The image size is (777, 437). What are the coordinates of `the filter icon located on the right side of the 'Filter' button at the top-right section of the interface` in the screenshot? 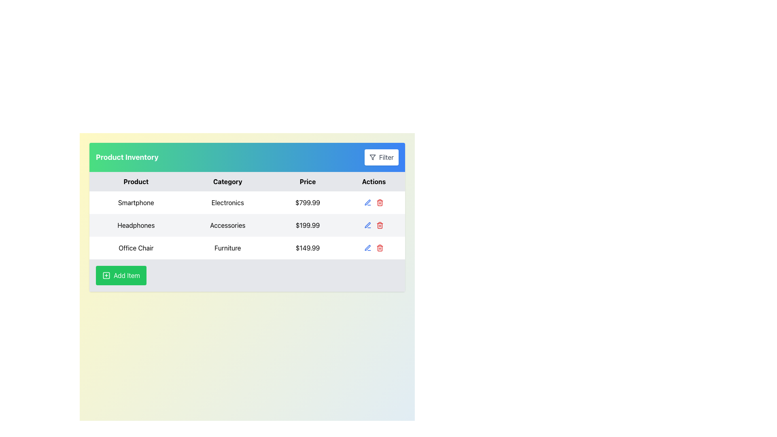 It's located at (372, 157).